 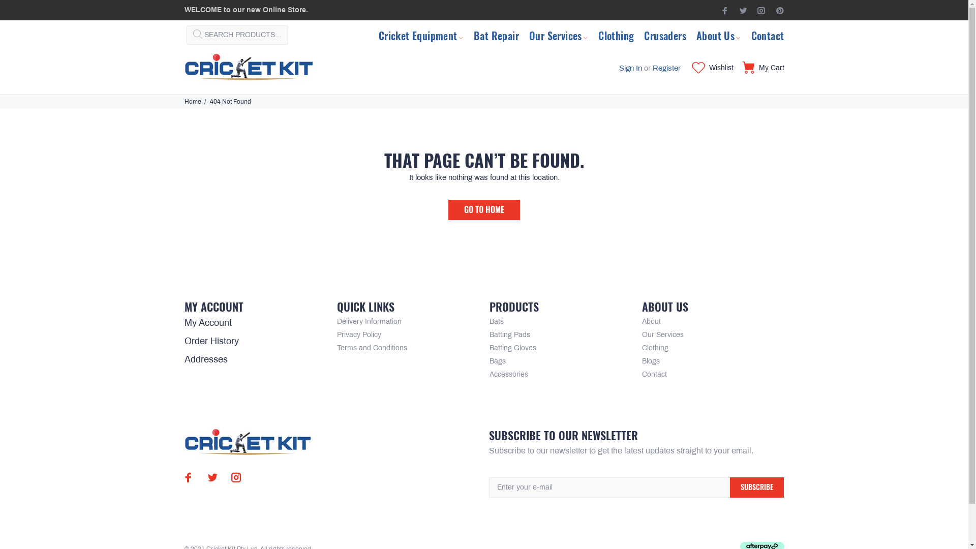 I want to click on 'Our Services', so click(x=558, y=34).